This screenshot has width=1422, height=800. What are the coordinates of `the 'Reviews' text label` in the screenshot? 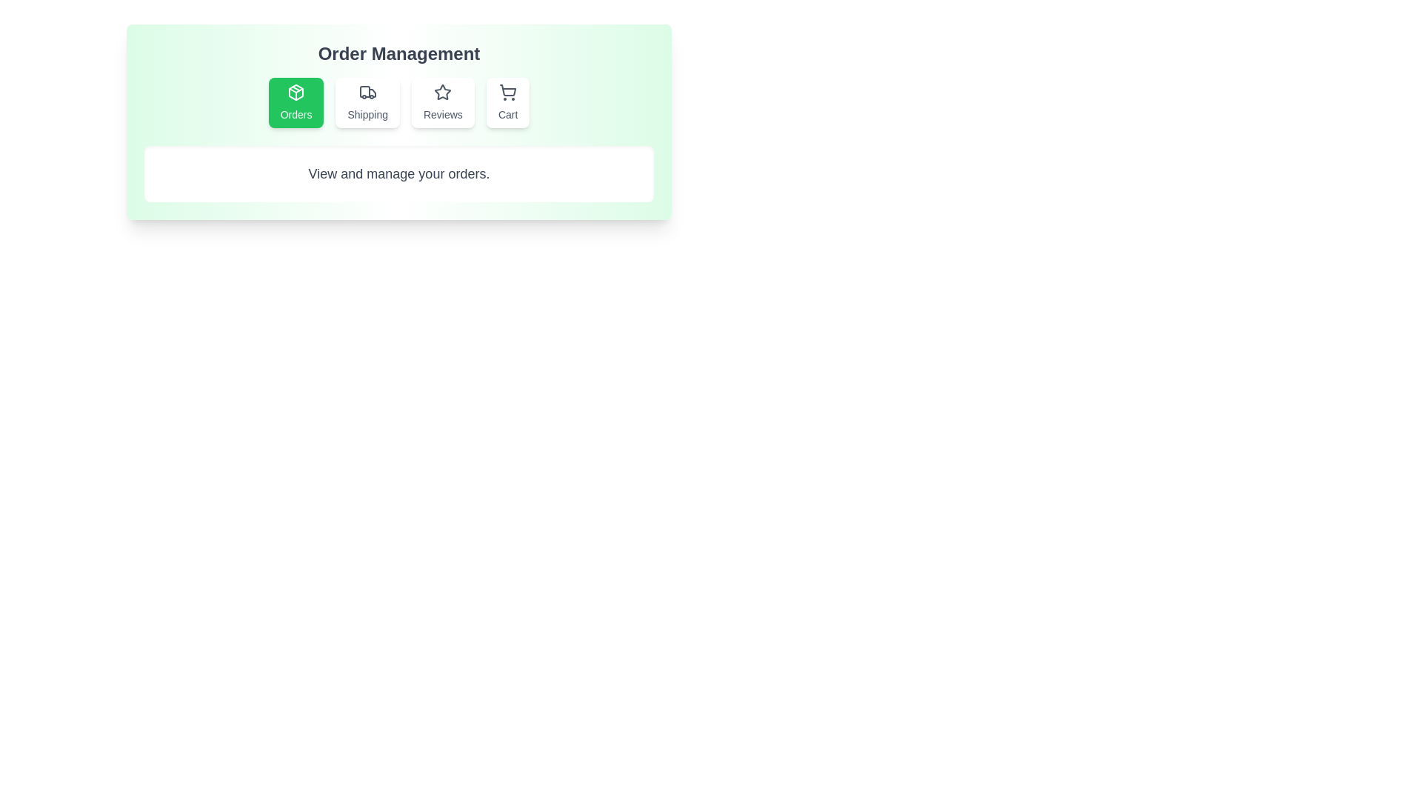 It's located at (442, 113).